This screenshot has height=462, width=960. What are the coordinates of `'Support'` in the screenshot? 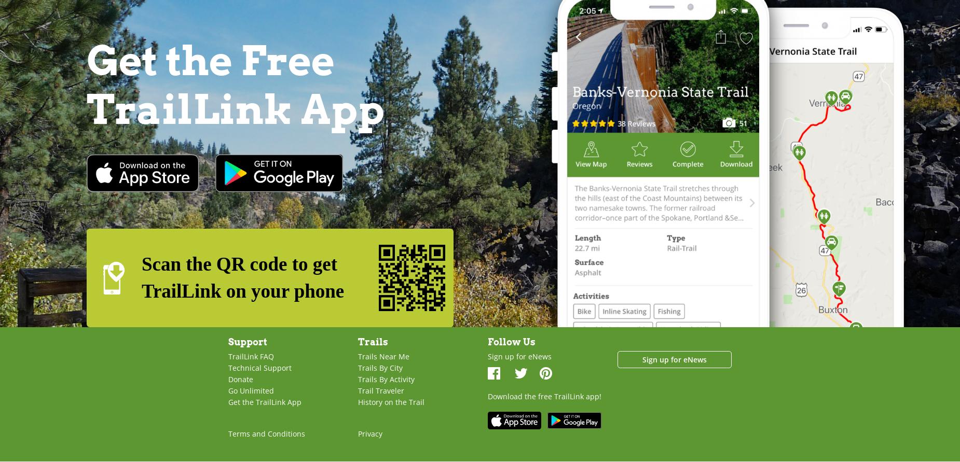 It's located at (248, 341).